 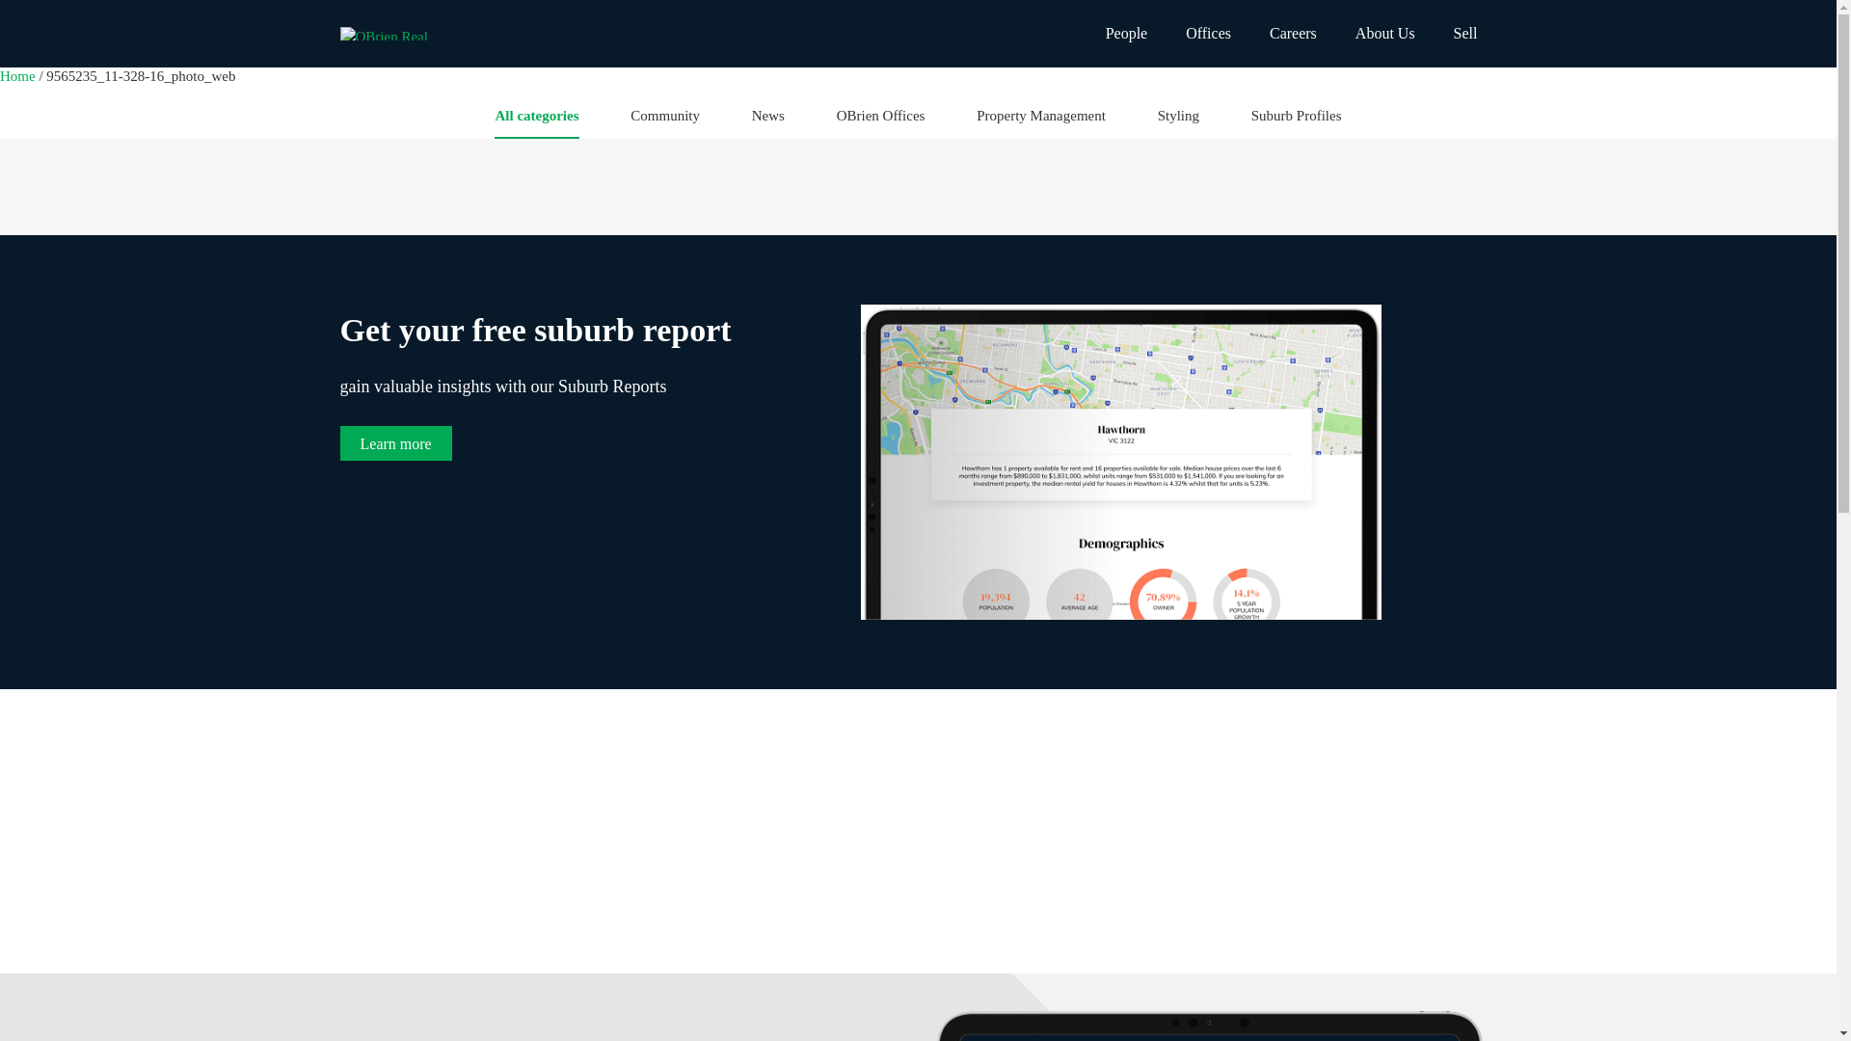 What do you see at coordinates (665, 121) in the screenshot?
I see `'Community'` at bounding box center [665, 121].